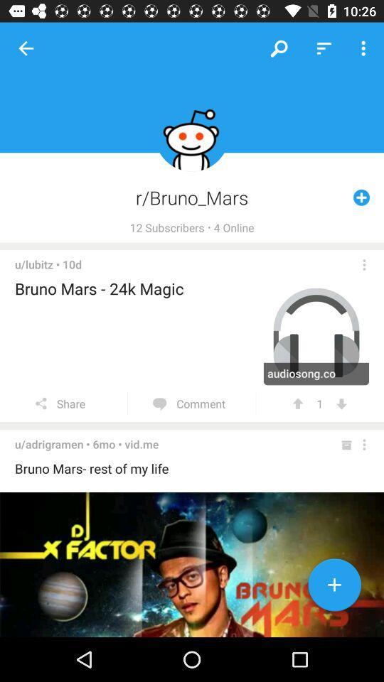  I want to click on the item next to 1, so click(341, 404).